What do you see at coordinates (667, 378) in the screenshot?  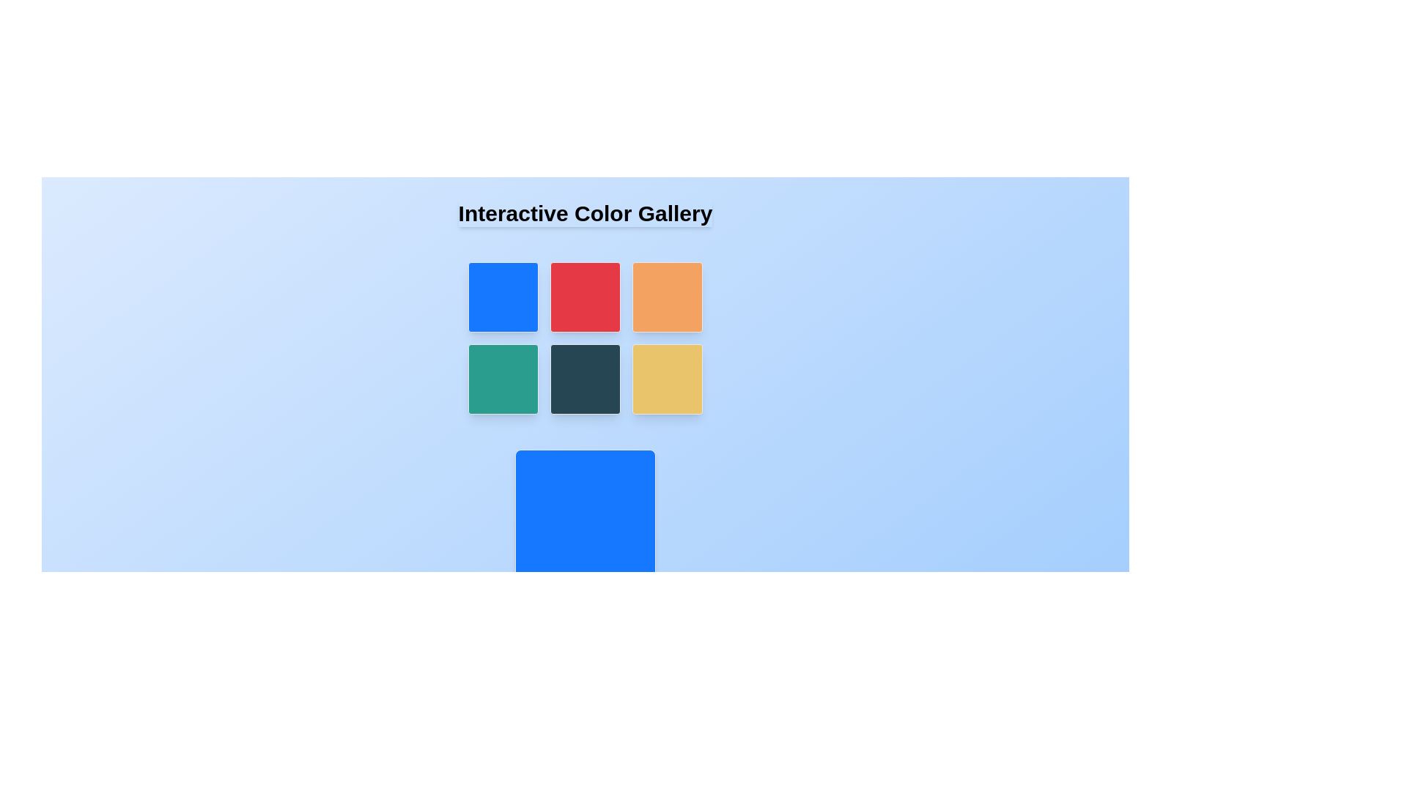 I see `the interactive tile located in the second row, third column of the gallery interface` at bounding box center [667, 378].